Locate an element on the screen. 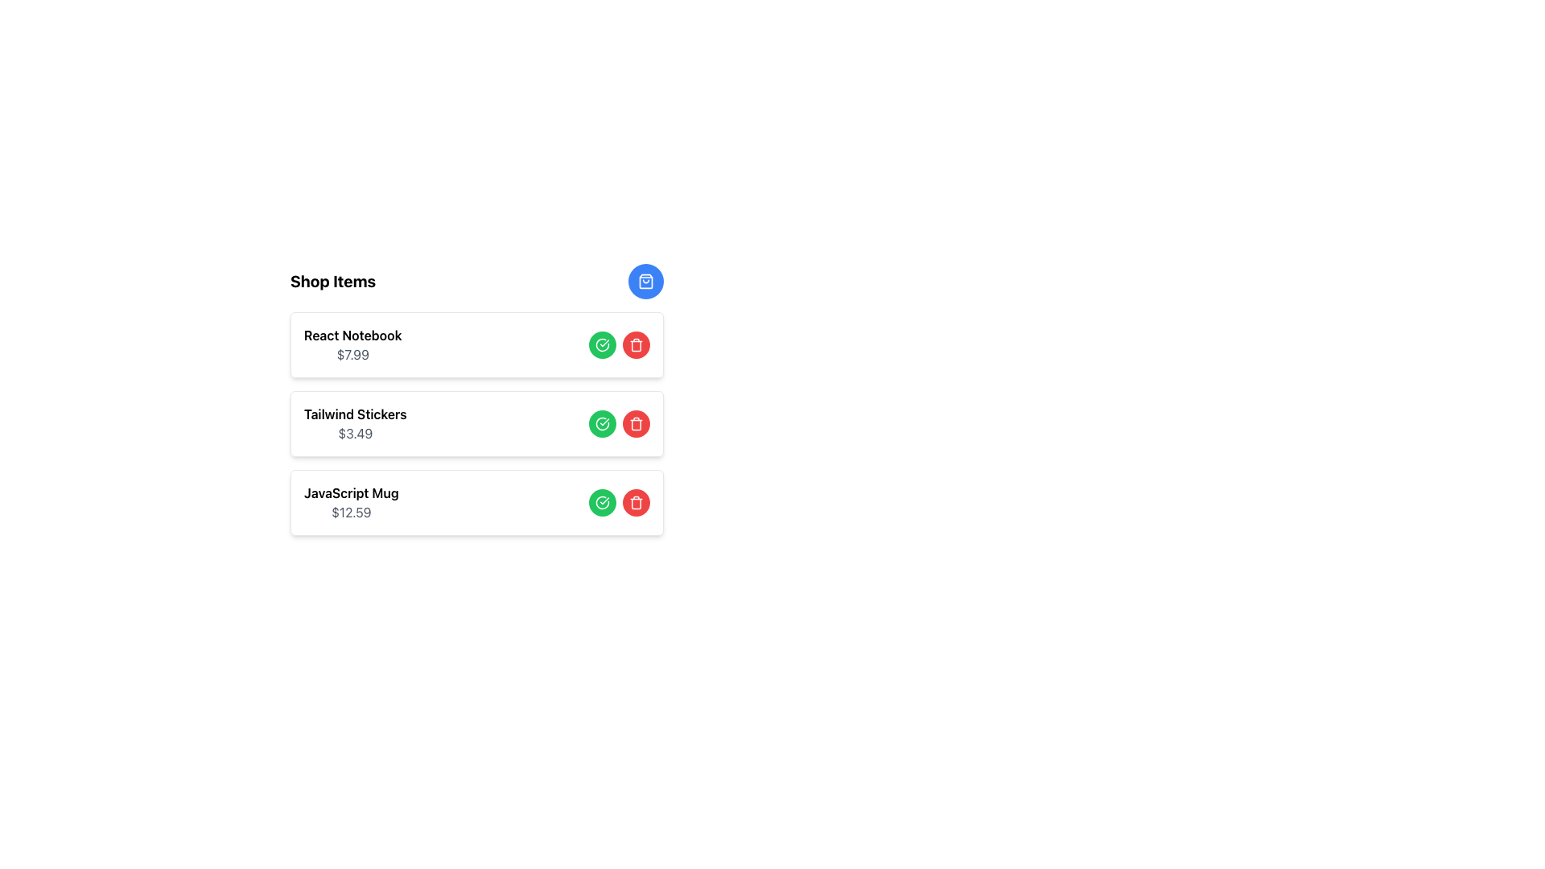 The width and height of the screenshot is (1545, 869). the green checkmark icon button within the second list item is located at coordinates (601, 423).